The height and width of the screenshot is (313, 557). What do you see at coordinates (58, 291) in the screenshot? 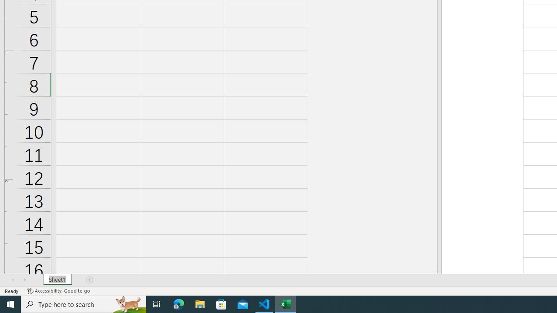
I see `'Accessibility Checker Accessibility: Good to go'` at bounding box center [58, 291].